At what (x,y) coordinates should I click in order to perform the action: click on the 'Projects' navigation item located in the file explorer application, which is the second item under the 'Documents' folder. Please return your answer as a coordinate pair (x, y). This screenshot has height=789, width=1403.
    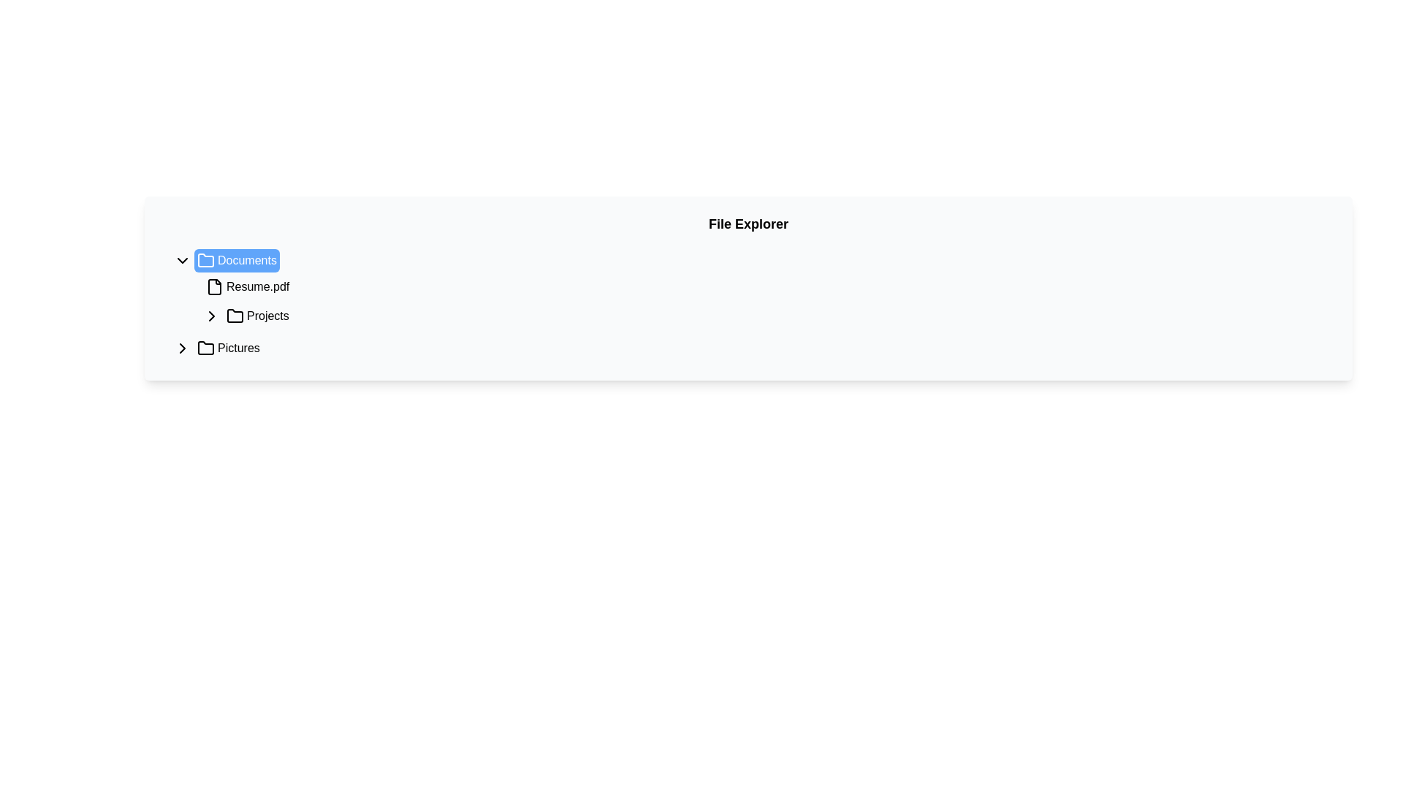
    Looking at the image, I should click on (257, 315).